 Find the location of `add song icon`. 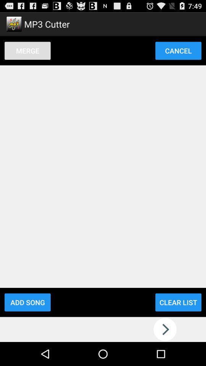

add song icon is located at coordinates (27, 302).